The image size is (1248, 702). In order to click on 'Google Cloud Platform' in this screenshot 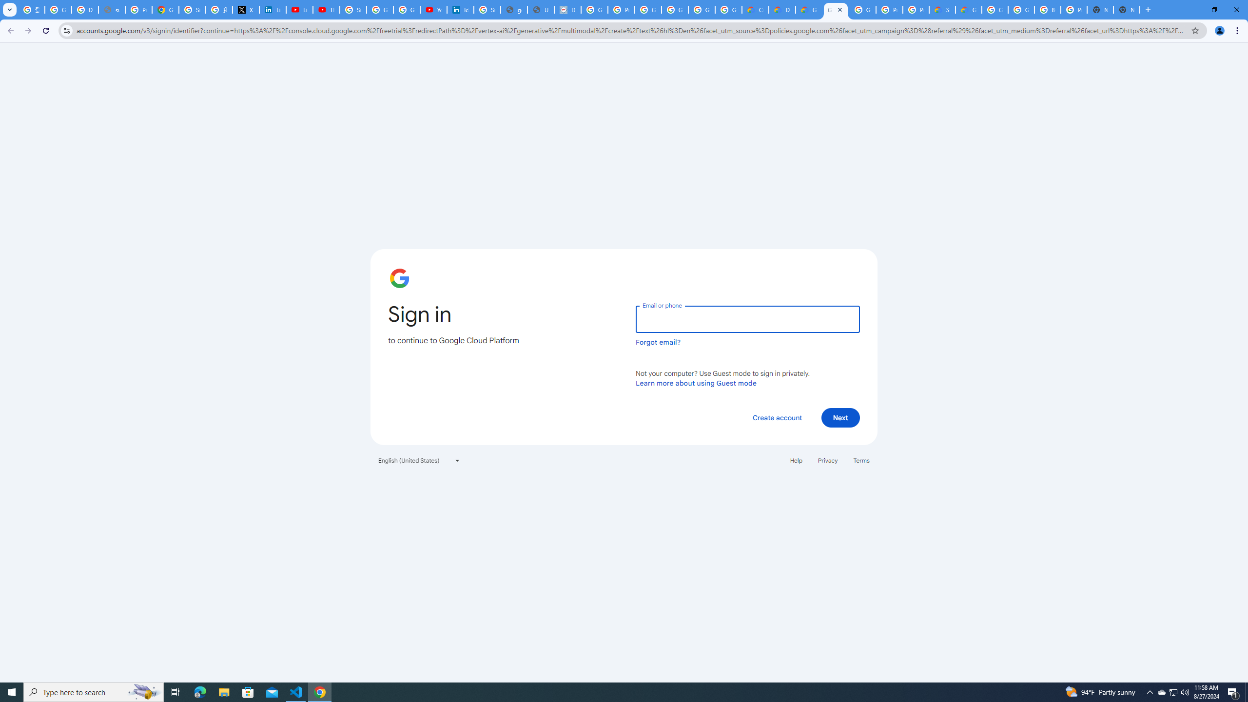, I will do `click(1021, 9)`.